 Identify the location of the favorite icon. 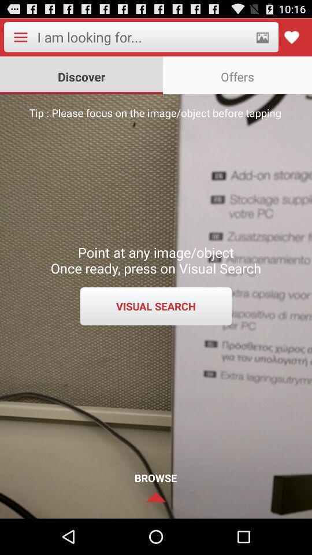
(291, 39).